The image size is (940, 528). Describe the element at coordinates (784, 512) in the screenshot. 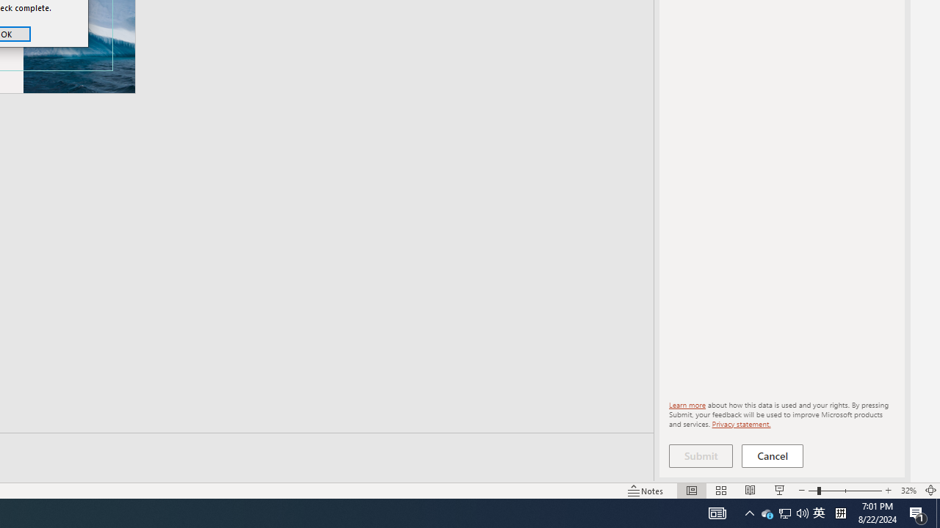

I see `'User Promoted Notification Area'` at that location.